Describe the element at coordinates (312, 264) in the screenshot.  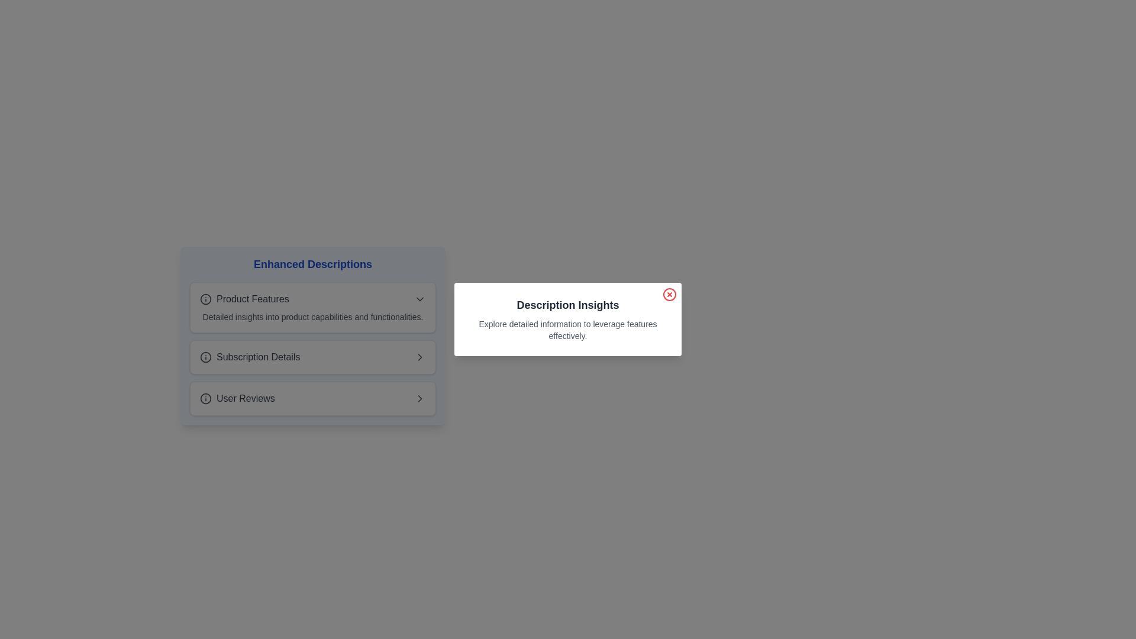
I see `the 'Enhanced Descriptions' Text Label to highlight the section title` at that location.